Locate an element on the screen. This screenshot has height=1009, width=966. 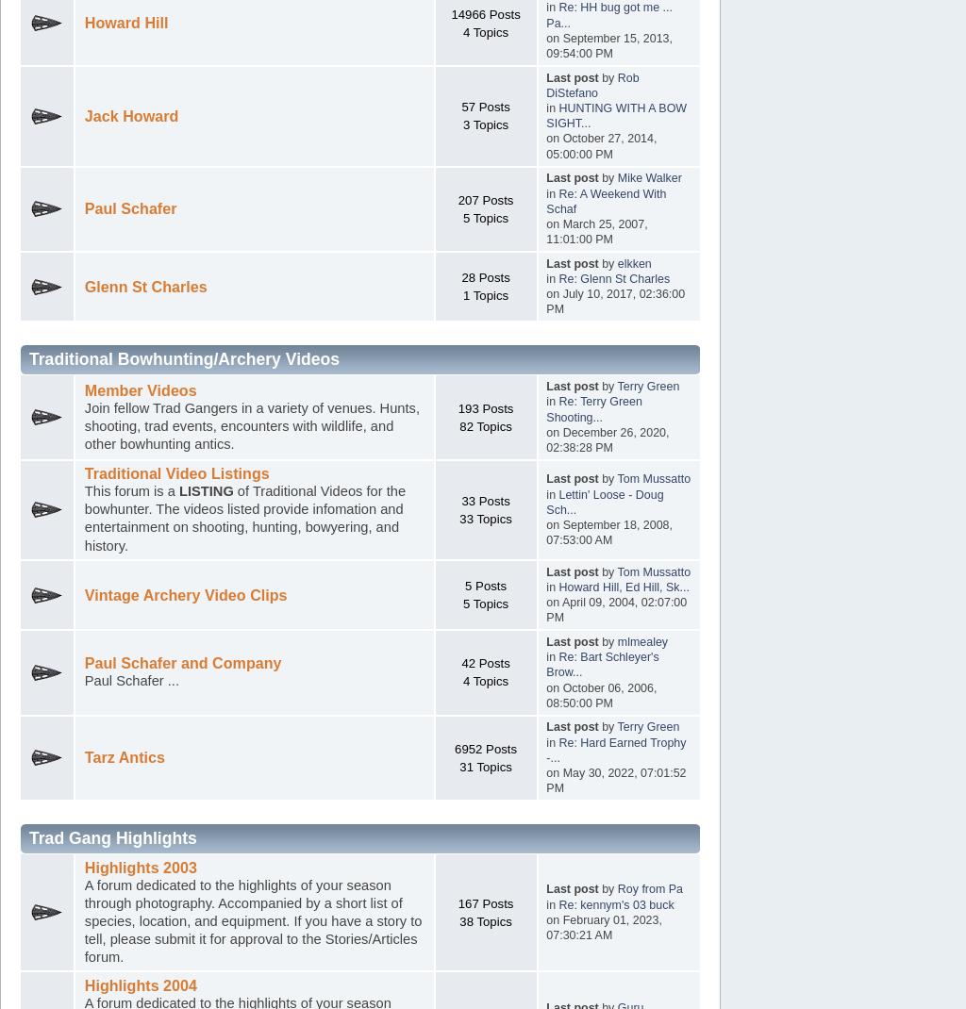
'6952 Posts' is located at coordinates (485, 747).